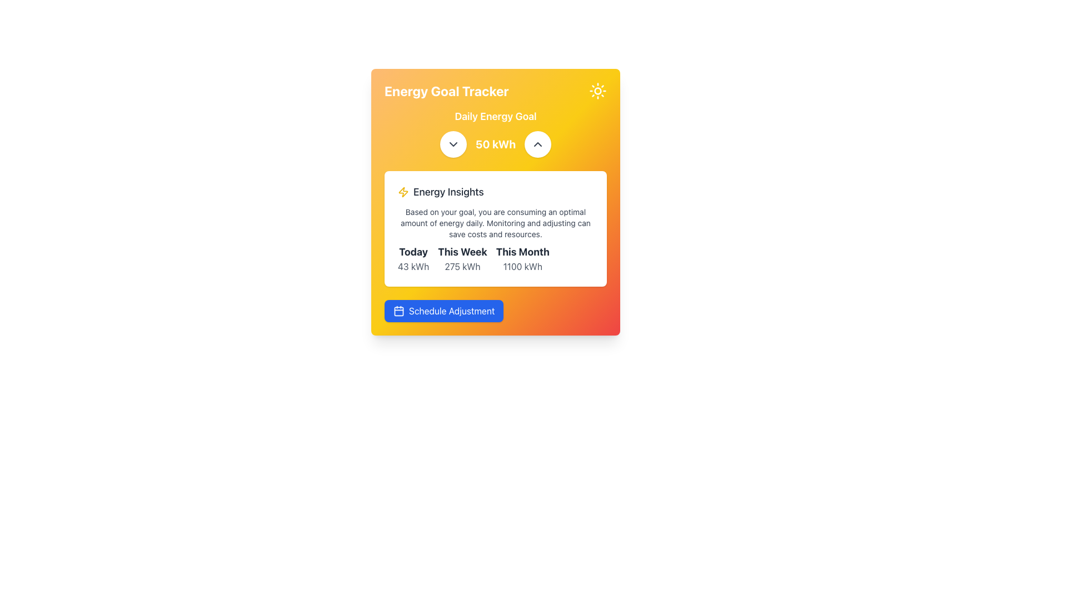 The height and width of the screenshot is (600, 1067). Describe the element at coordinates (402, 192) in the screenshot. I see `the yellow lightning bolt icon located in the top-right corner adjacent to the 'Energy Goal Tracker' title` at that location.